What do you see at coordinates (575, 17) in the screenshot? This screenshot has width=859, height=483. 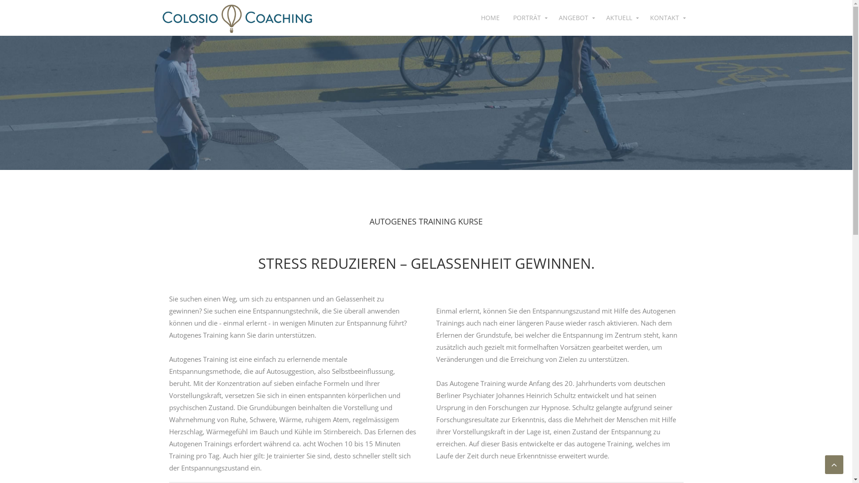 I see `'ANGEBOT'` at bounding box center [575, 17].